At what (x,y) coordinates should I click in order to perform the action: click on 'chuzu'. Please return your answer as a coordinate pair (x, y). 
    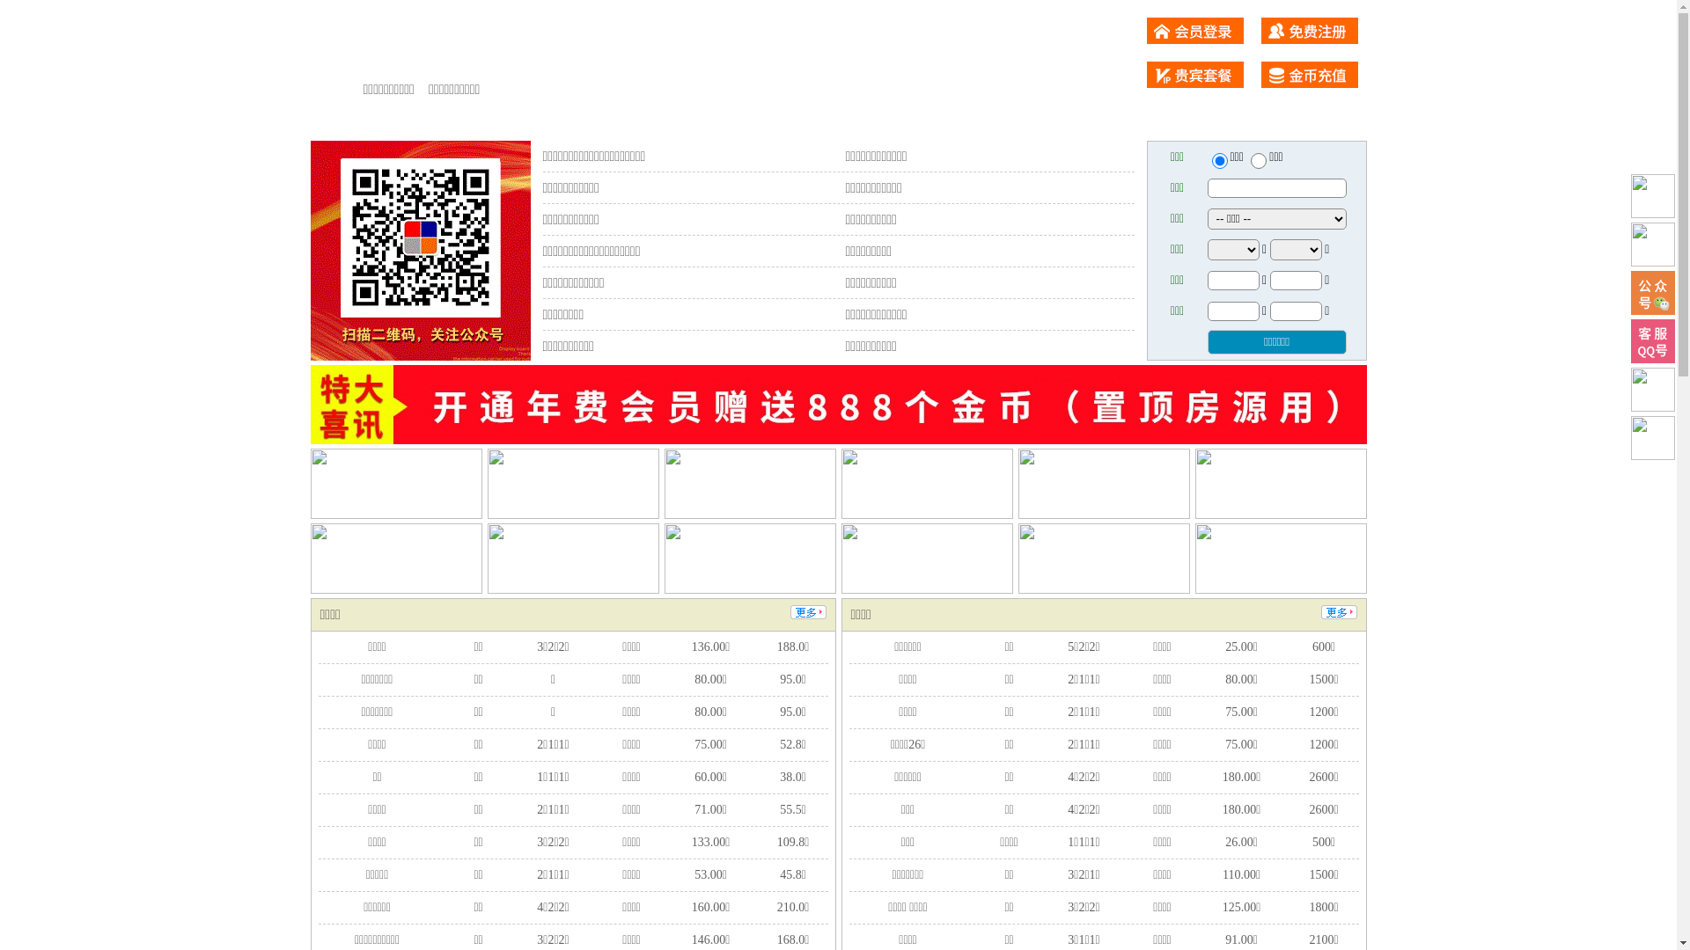
    Looking at the image, I should click on (1258, 160).